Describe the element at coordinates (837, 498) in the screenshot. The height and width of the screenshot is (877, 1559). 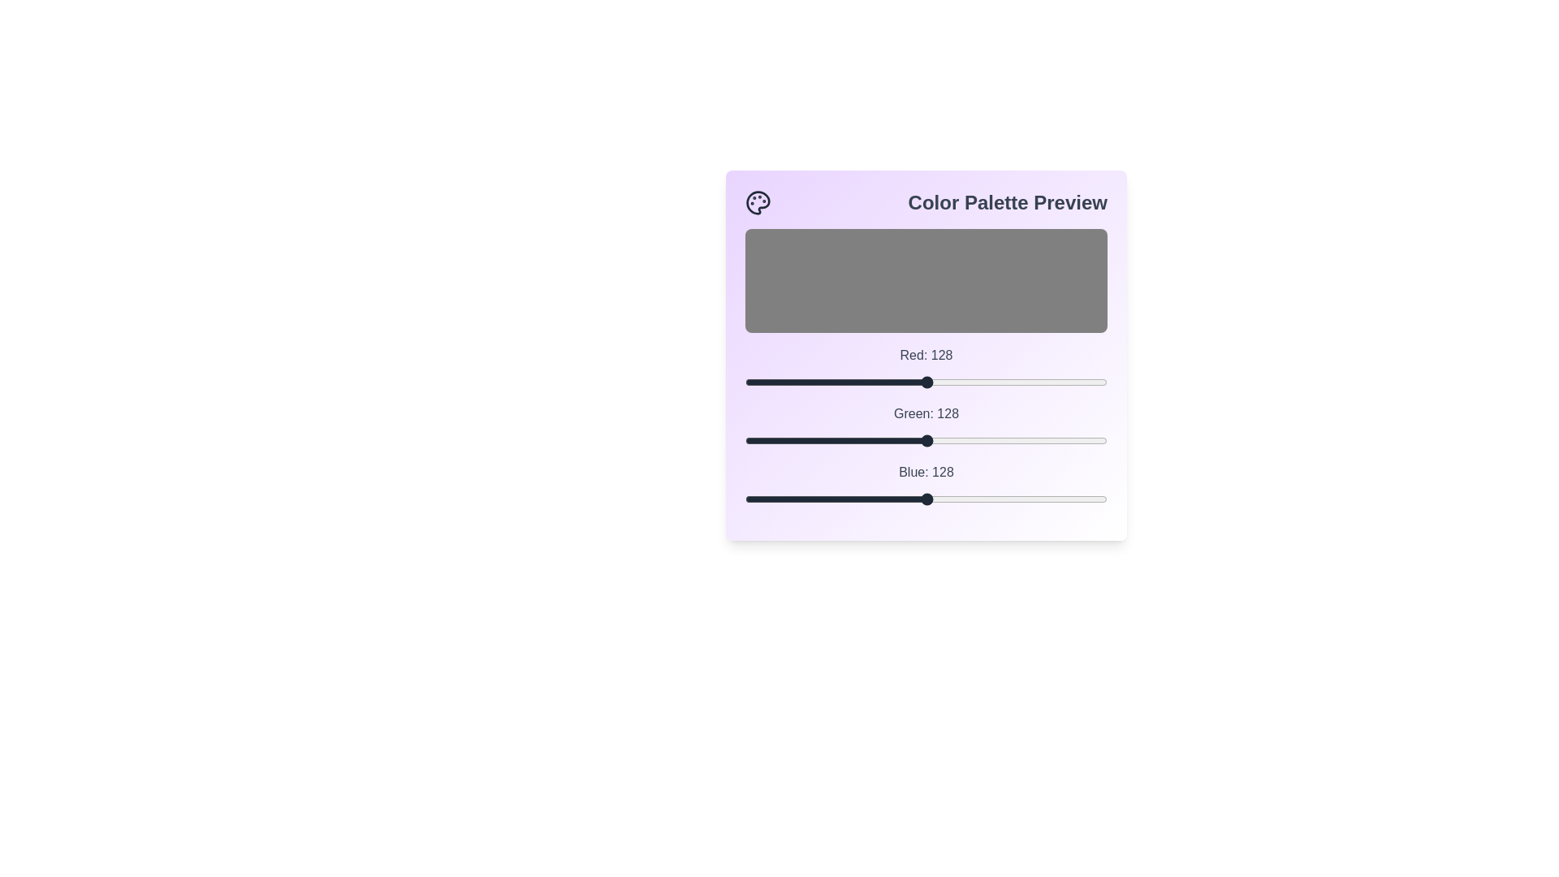
I see `the blue color value` at that location.